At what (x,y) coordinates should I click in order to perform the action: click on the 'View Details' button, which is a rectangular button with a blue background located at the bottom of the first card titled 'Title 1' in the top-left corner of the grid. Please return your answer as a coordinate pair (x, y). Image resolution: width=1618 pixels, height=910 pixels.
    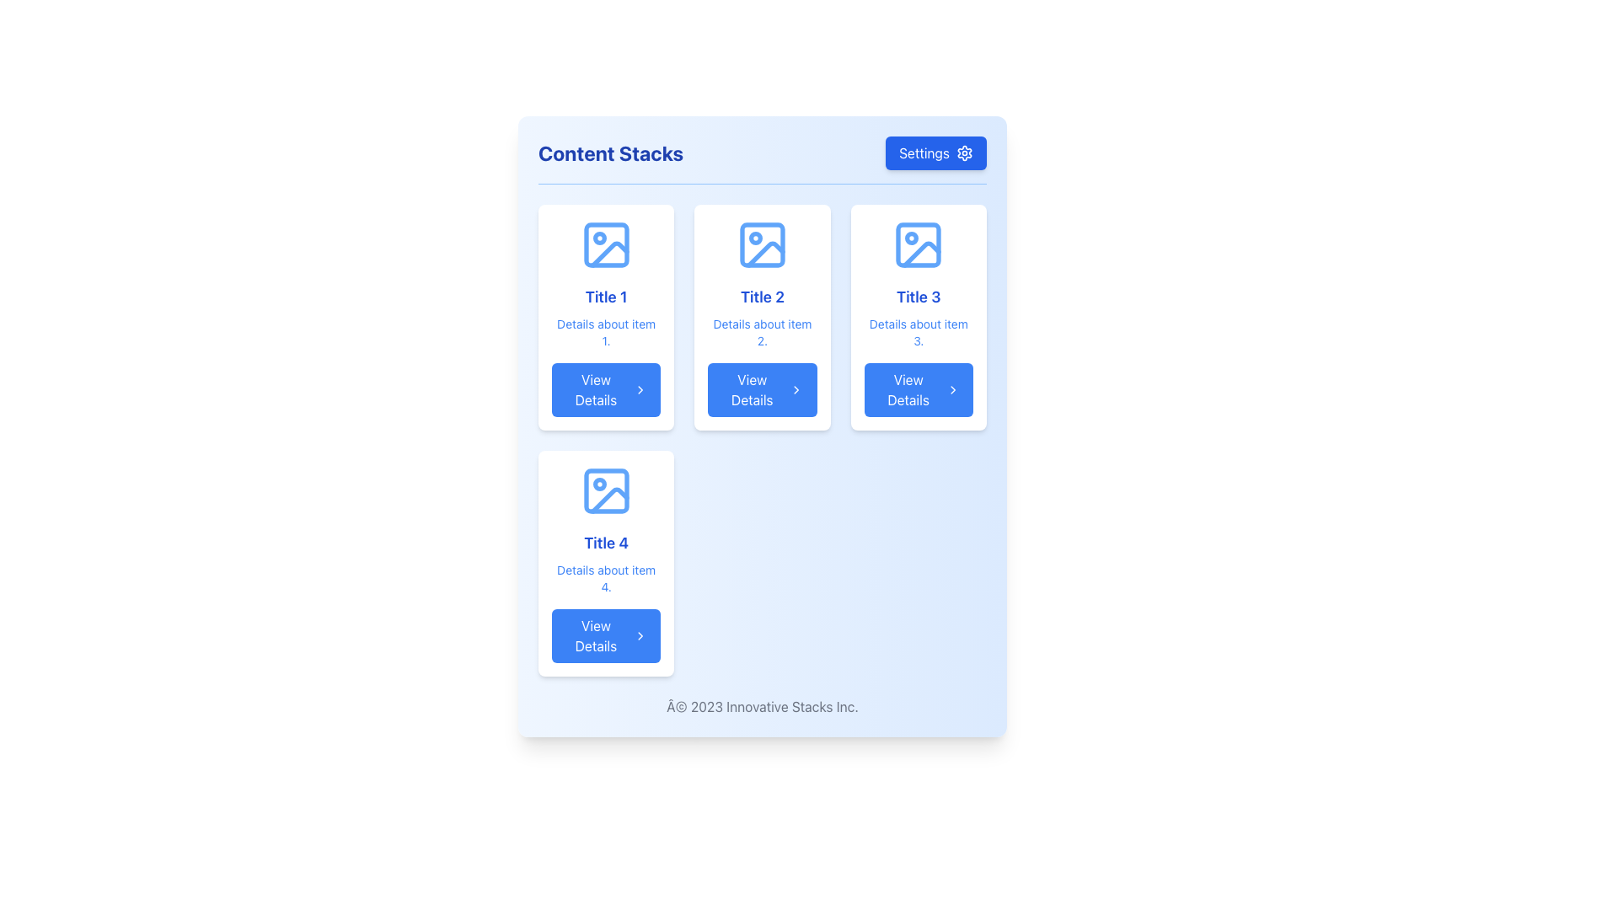
    Looking at the image, I should click on (606, 389).